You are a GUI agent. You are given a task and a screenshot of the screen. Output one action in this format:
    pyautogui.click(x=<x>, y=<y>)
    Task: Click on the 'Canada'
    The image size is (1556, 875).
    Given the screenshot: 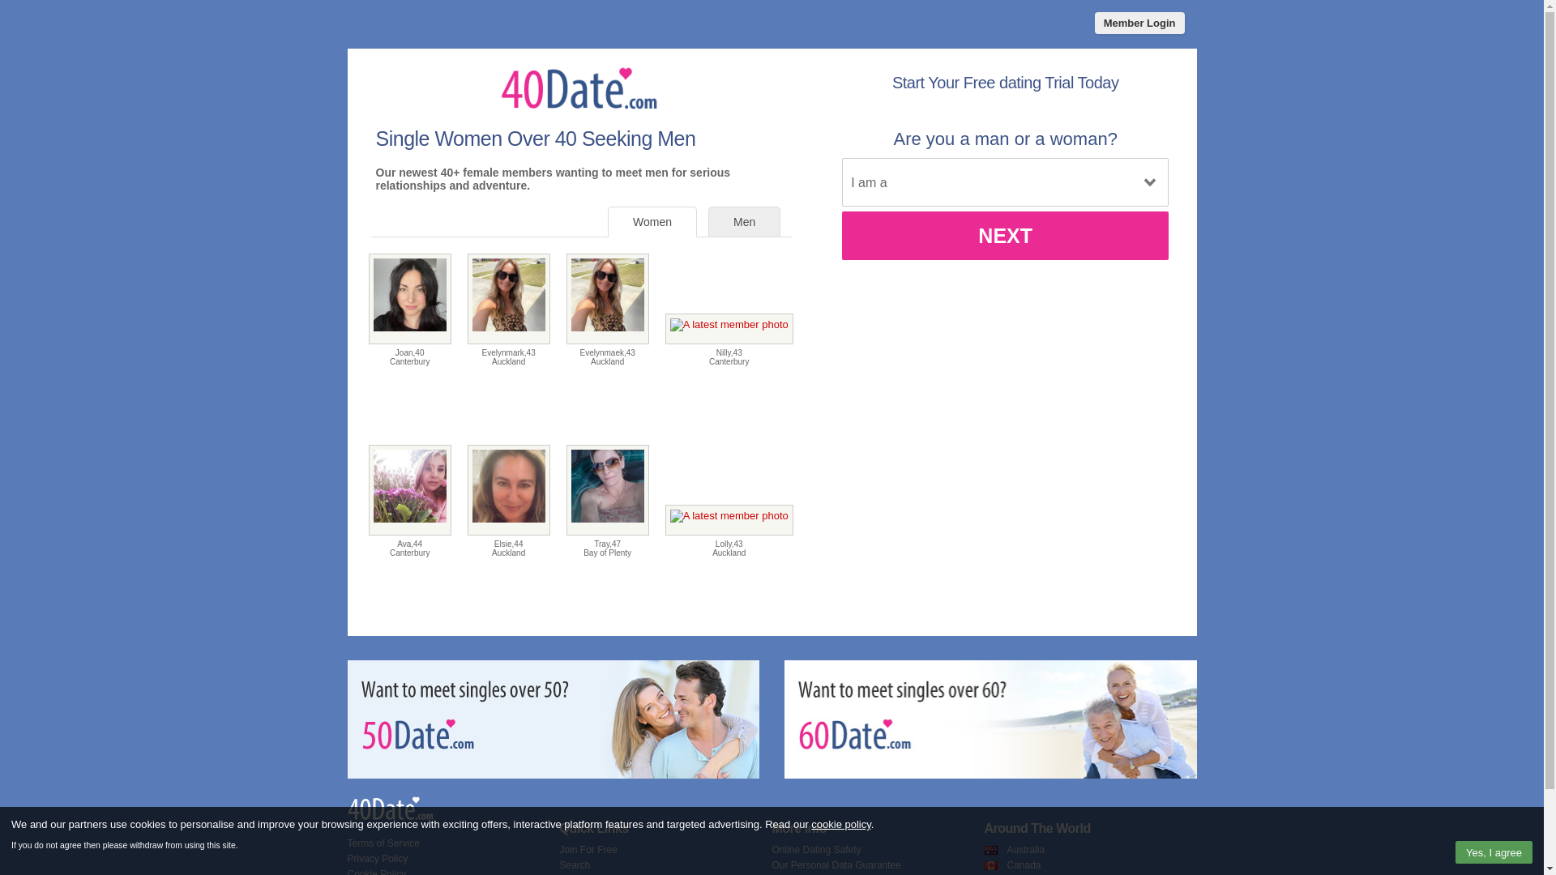 What is the action you would take?
    pyautogui.click(x=1022, y=864)
    